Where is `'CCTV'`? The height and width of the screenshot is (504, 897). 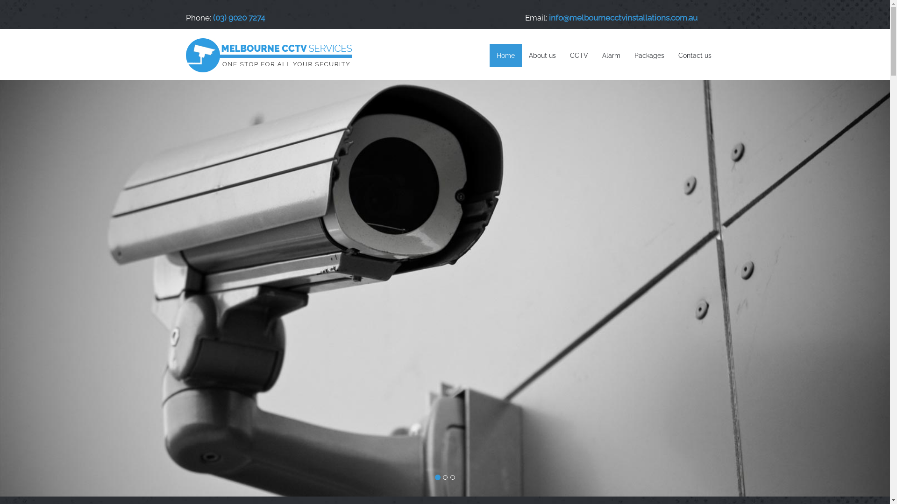 'CCTV' is located at coordinates (578, 56).